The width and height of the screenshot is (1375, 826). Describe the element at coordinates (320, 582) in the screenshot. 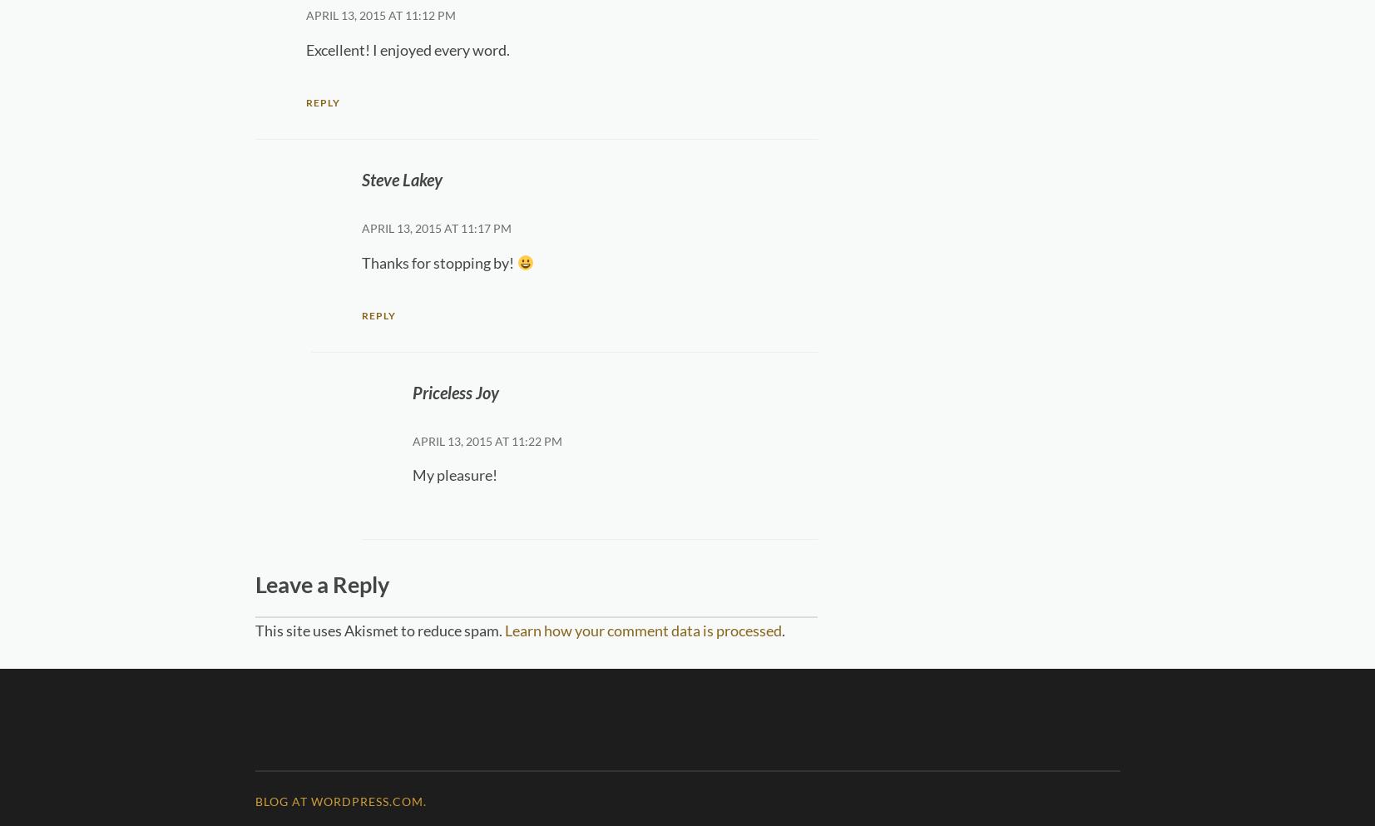

I see `'Leave a Reply'` at that location.